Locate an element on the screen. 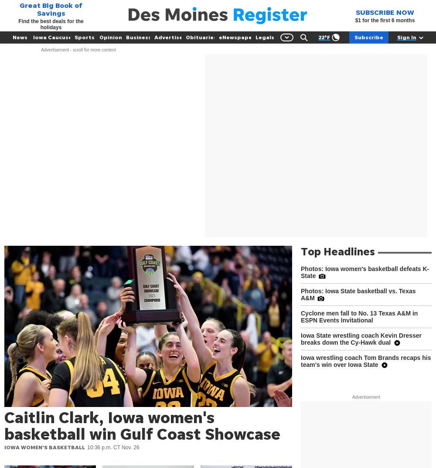 The height and width of the screenshot is (468, 436). 'Legals' is located at coordinates (264, 37).